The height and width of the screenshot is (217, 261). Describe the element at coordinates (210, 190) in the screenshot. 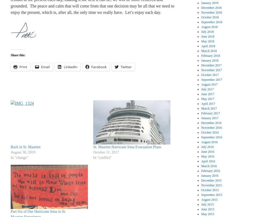

I see `'October 2015'` at that location.